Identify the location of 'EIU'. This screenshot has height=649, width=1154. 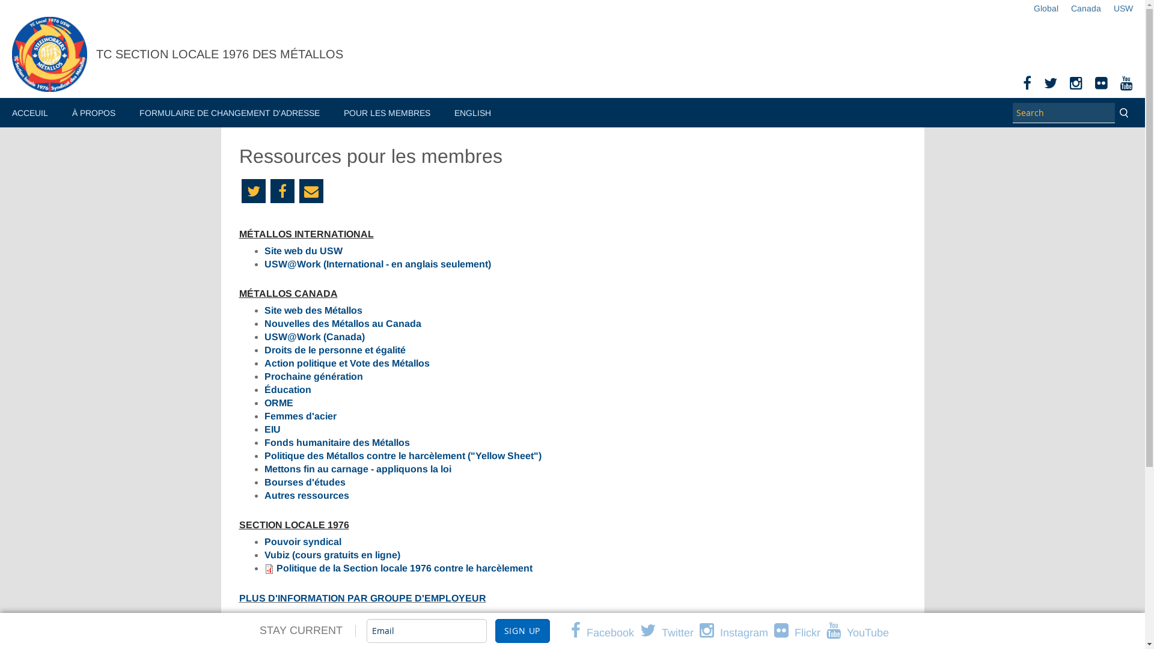
(272, 428).